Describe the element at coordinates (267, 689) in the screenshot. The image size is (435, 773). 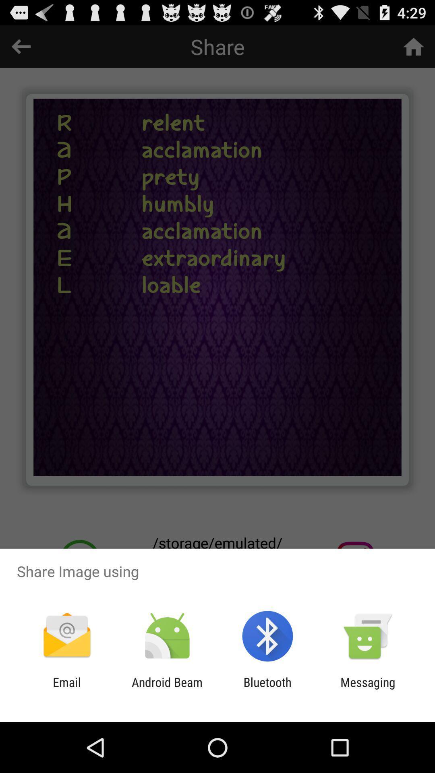
I see `the icon to the right of android beam` at that location.